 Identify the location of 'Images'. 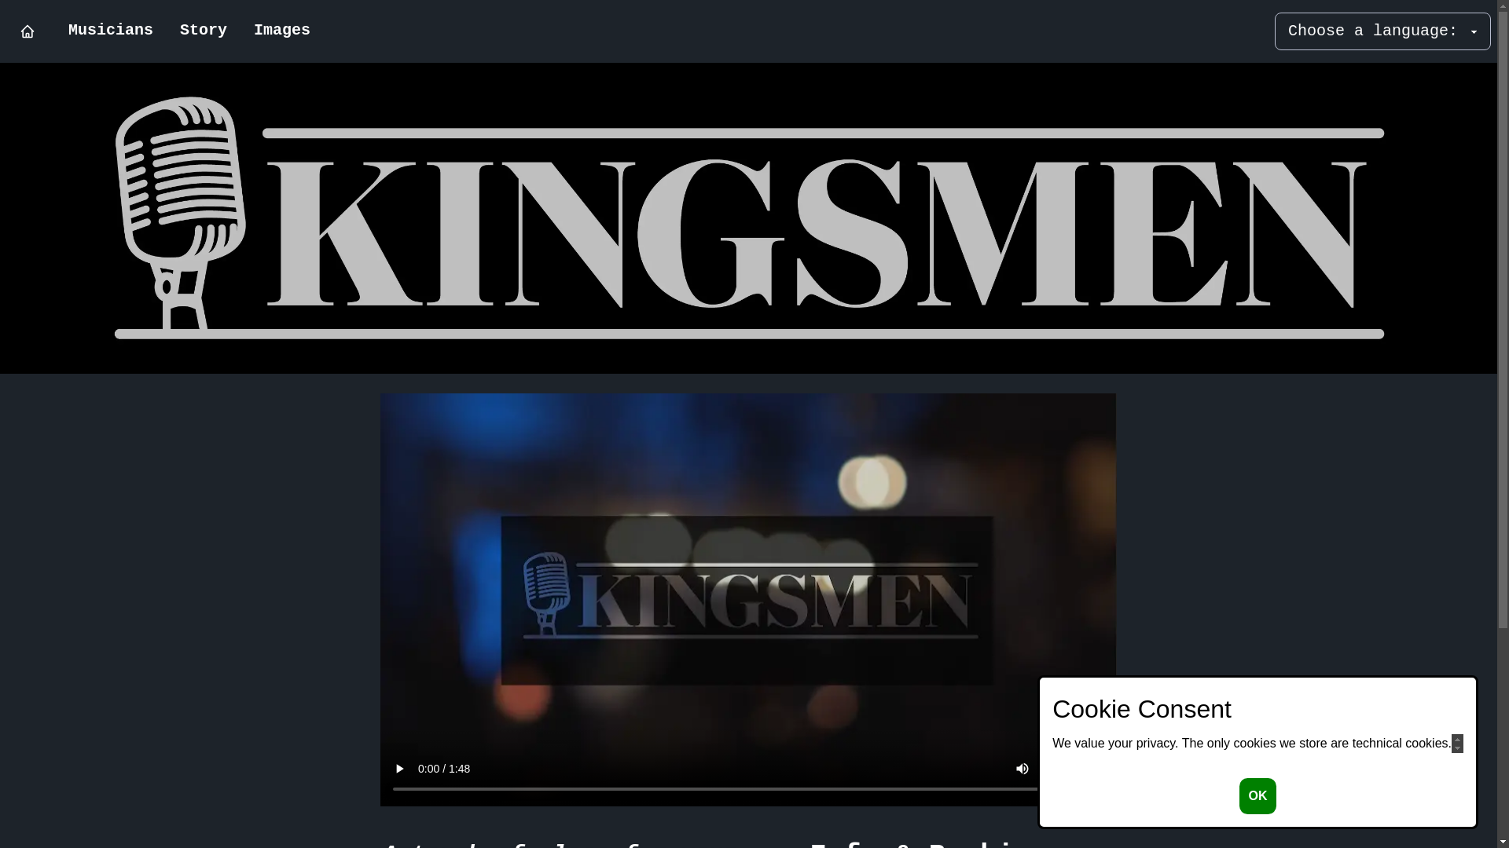
(282, 31).